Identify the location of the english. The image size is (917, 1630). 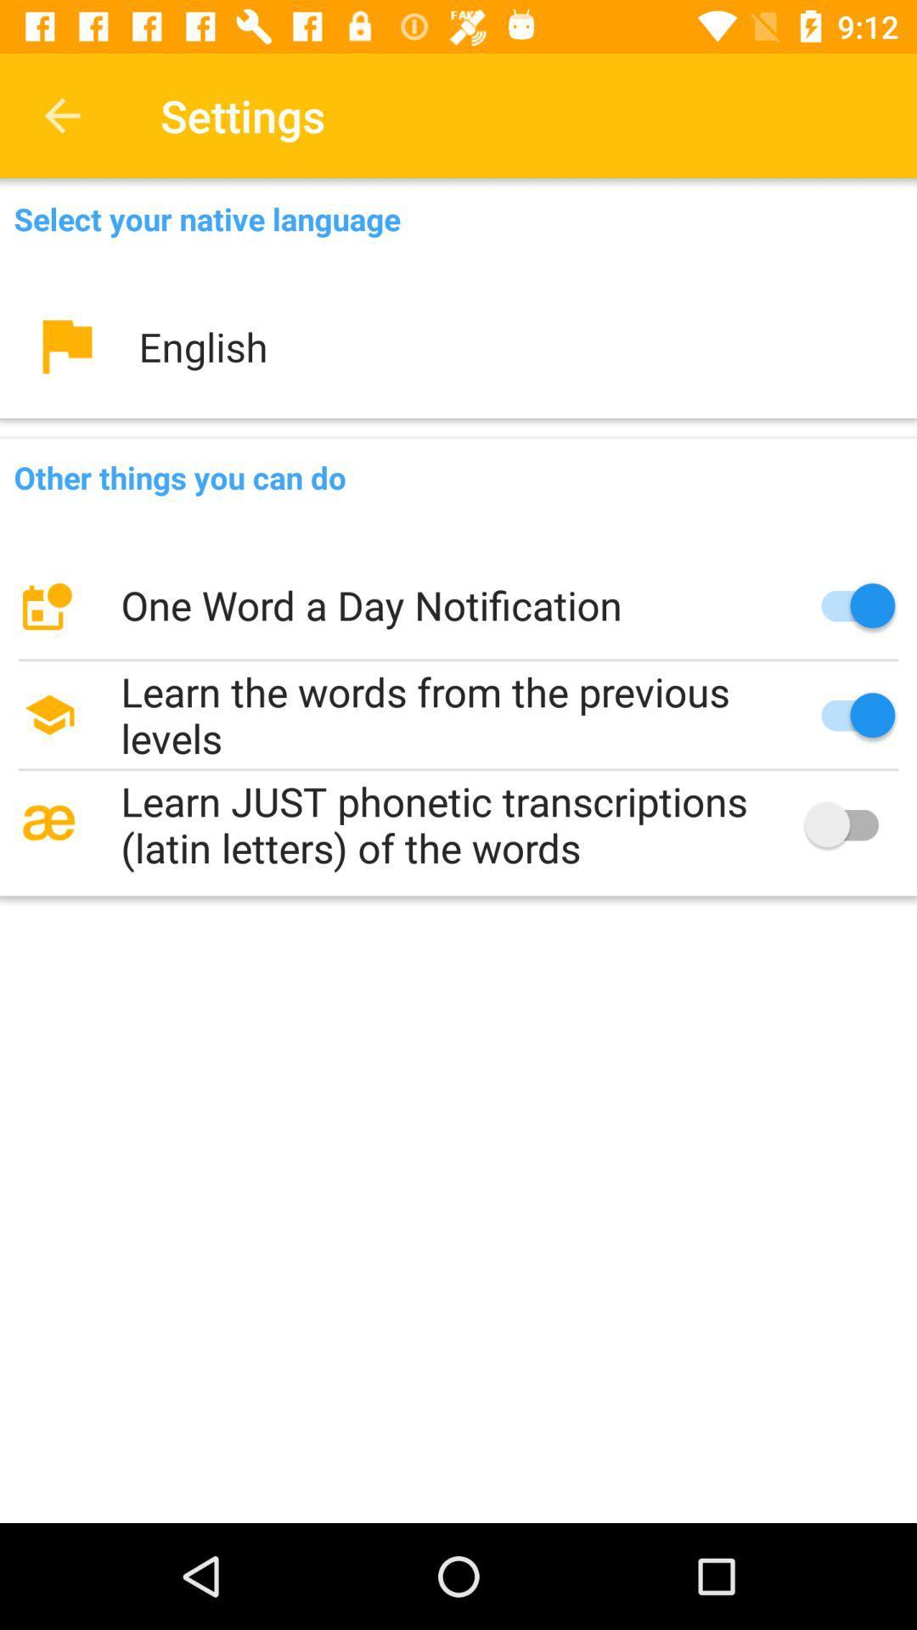
(458, 346).